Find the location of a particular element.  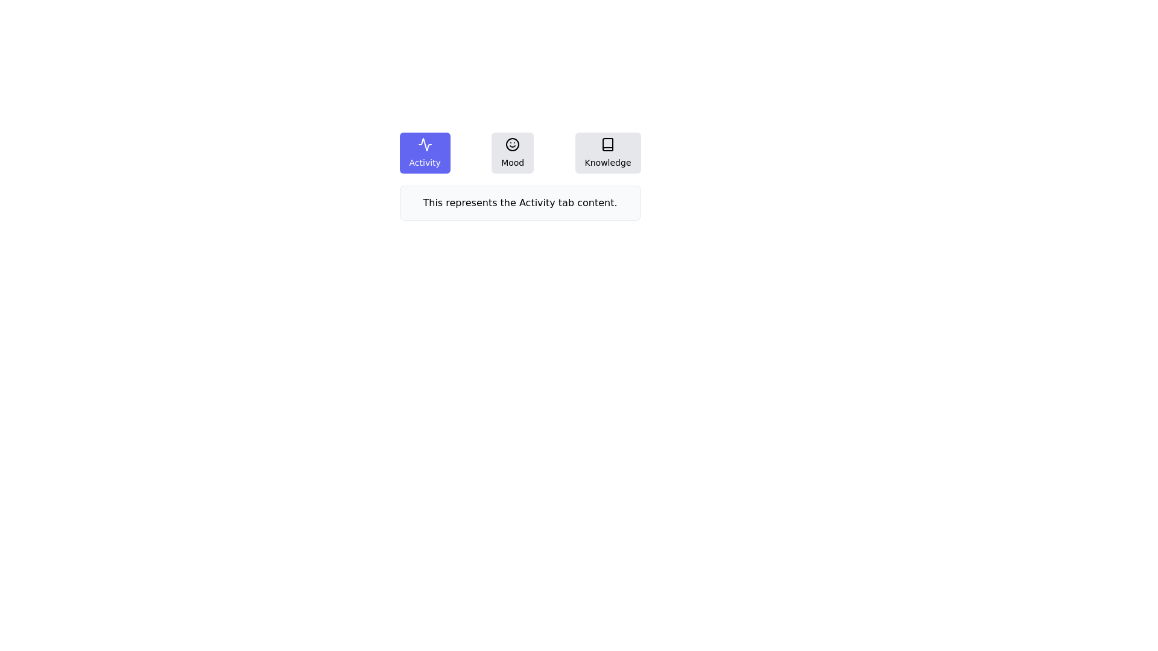

the circular outline graphical icon that resembles a button and is part of a horizontal set of selectable icons, located second among three icons is located at coordinates (513, 143).